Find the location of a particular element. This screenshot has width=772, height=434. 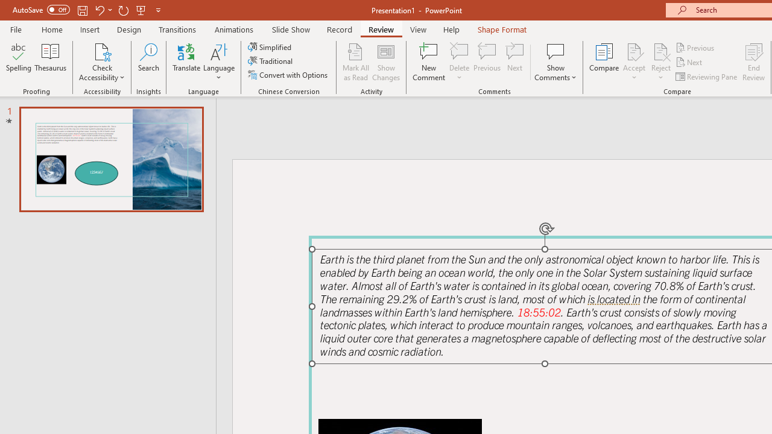

'Accept Change' is located at coordinates (633, 51).